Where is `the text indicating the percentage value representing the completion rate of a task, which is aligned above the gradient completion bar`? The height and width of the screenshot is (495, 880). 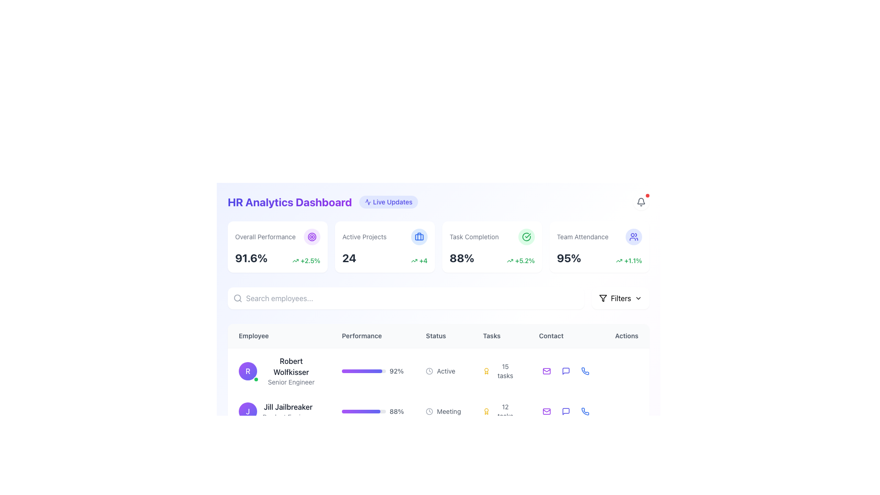 the text indicating the percentage value representing the completion rate of a task, which is aligned above the gradient completion bar is located at coordinates (396, 371).